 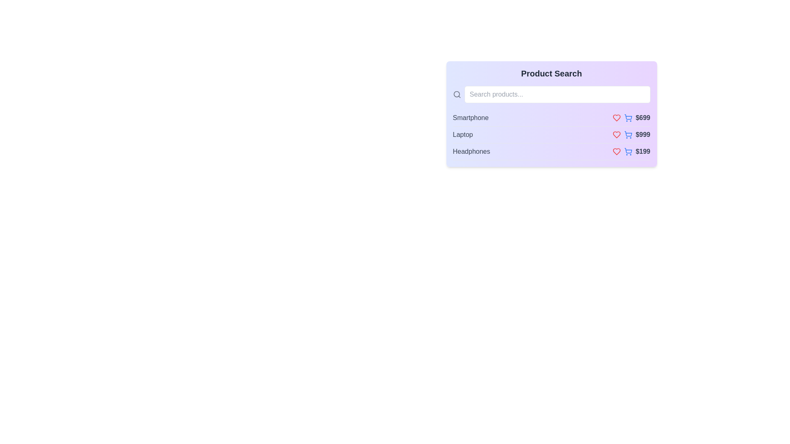 I want to click on the blue shopping cart icon located to the right of the product description and next to the price tag in the purple box, so click(x=627, y=117).